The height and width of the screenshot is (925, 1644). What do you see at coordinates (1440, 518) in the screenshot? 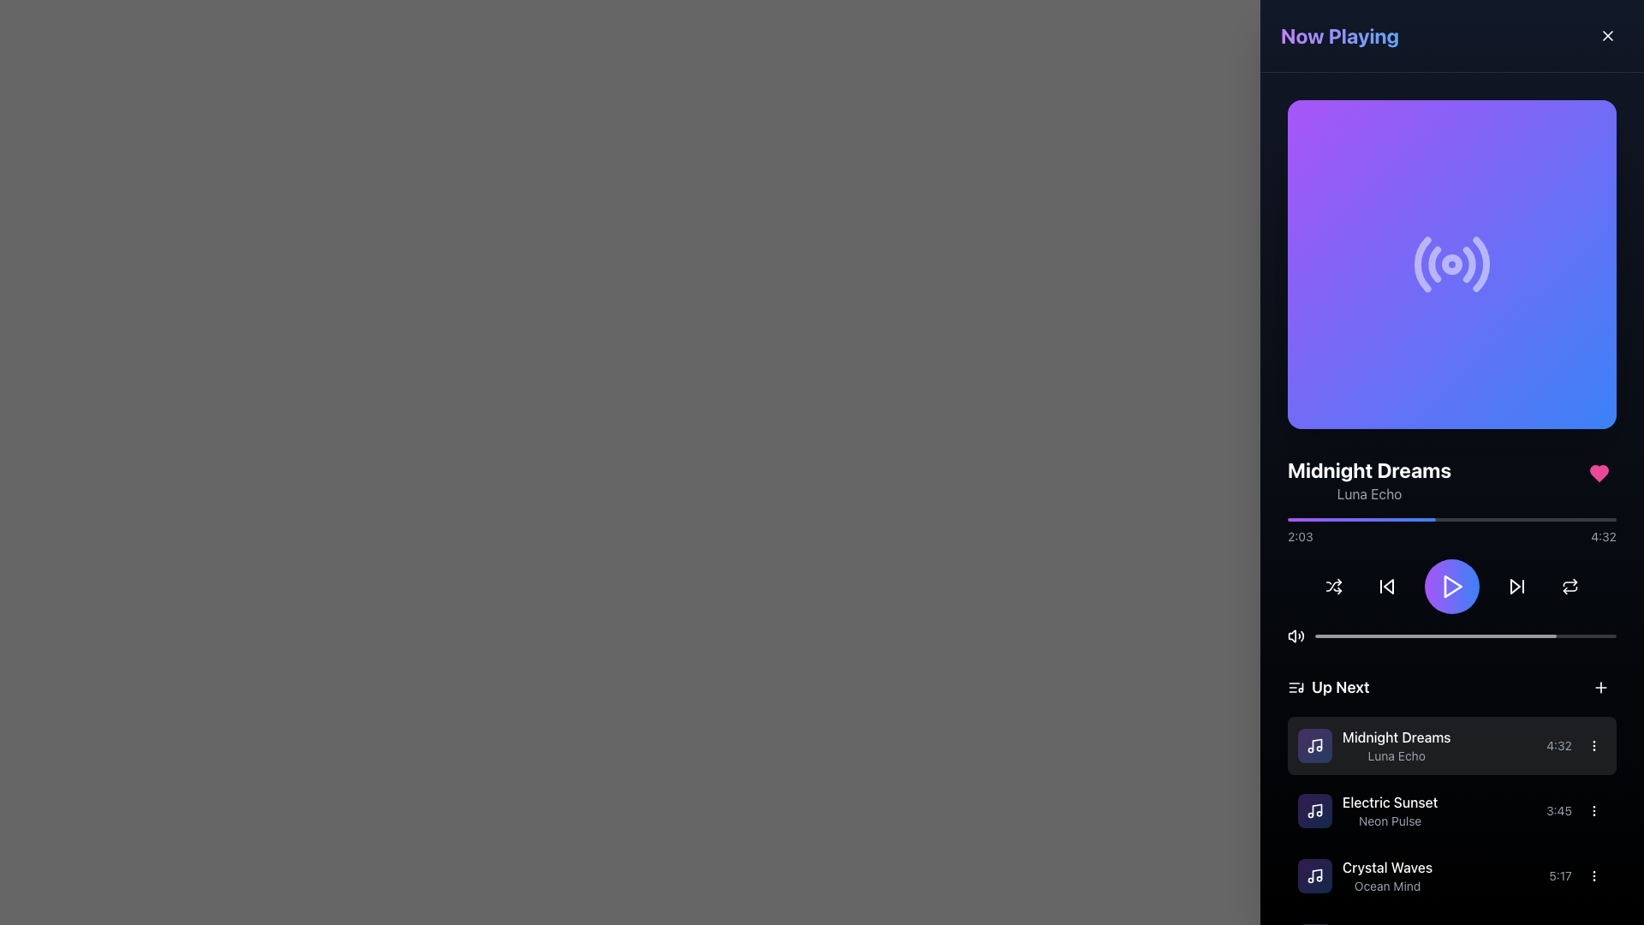
I see `the playback position` at bounding box center [1440, 518].